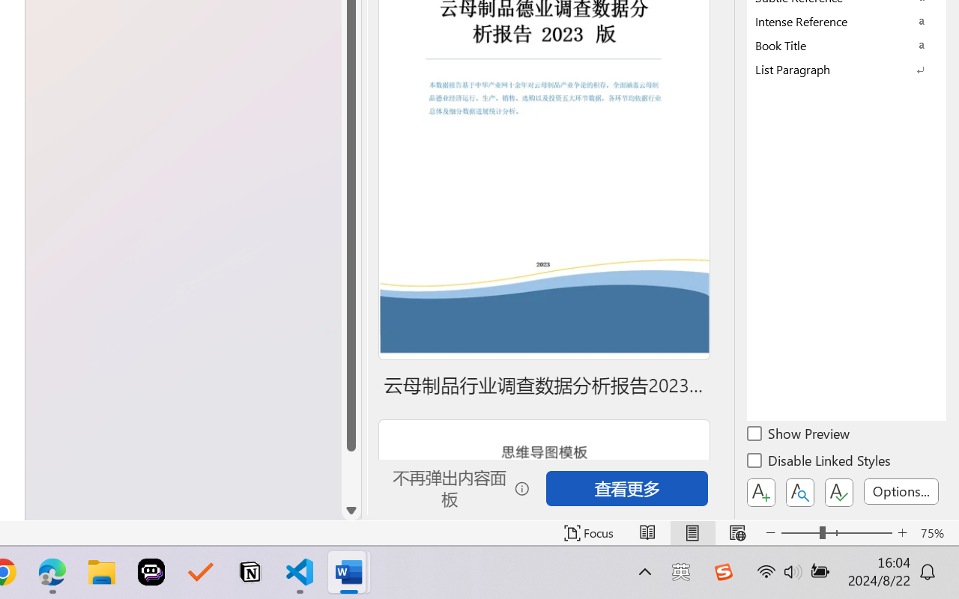  Describe the element at coordinates (902, 532) in the screenshot. I see `'Zoom In'` at that location.